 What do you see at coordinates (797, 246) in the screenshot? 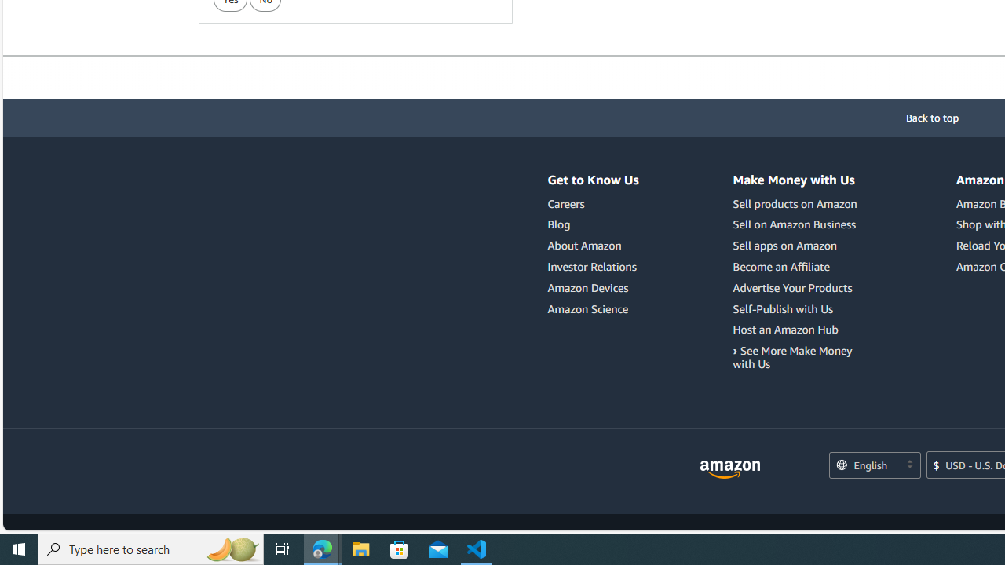
I see `'Sell apps on Amazon'` at bounding box center [797, 246].